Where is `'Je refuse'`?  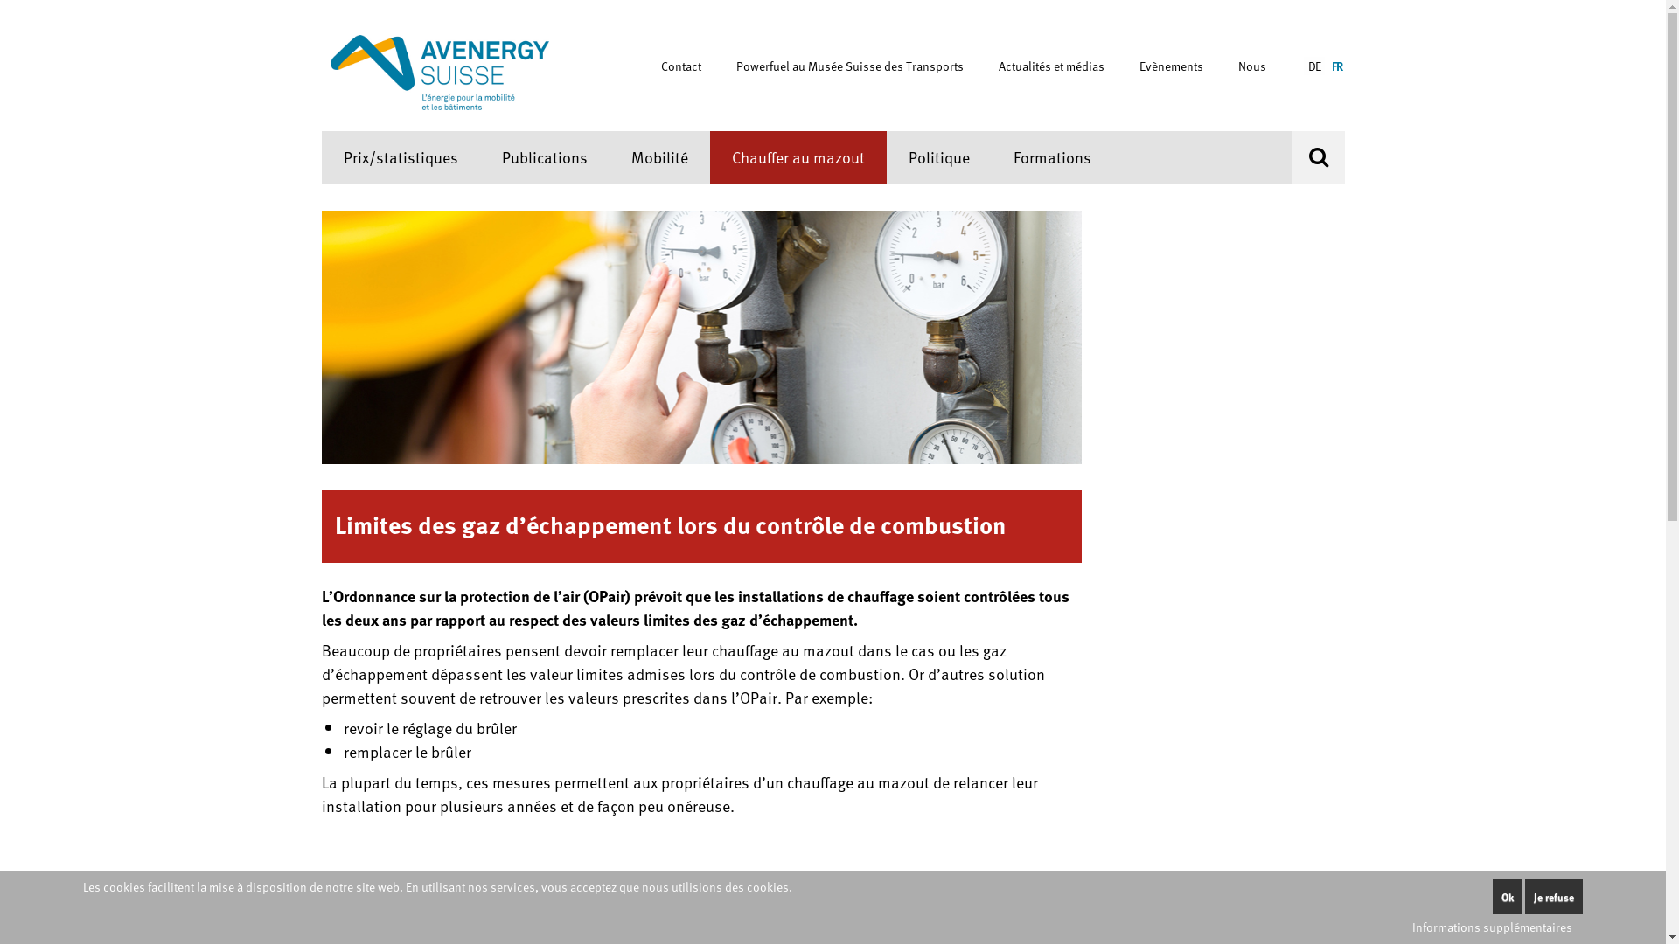
'Je refuse' is located at coordinates (1553, 897).